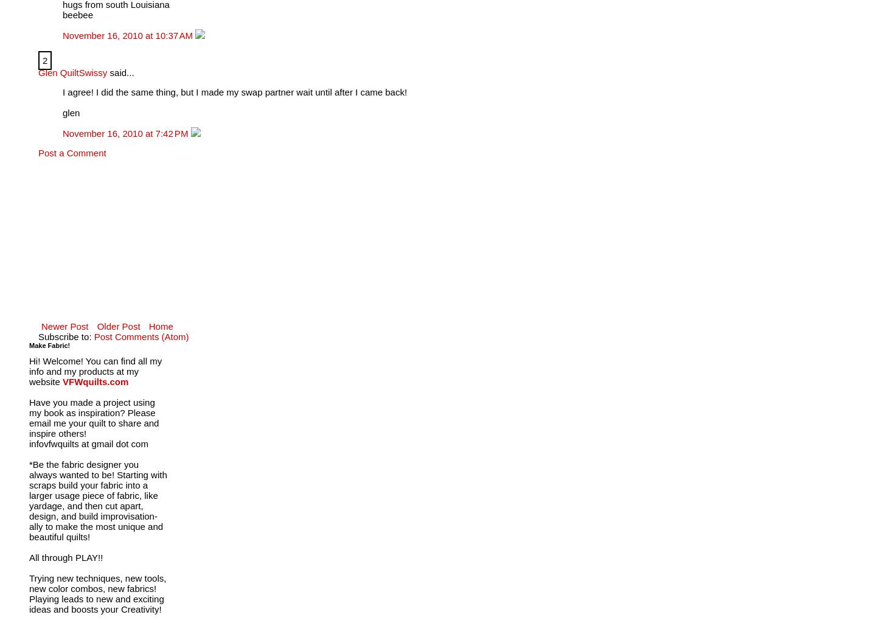  I want to click on 'I agree!  I did the same thing, but I made my swap partner wait until after I came back!', so click(234, 91).